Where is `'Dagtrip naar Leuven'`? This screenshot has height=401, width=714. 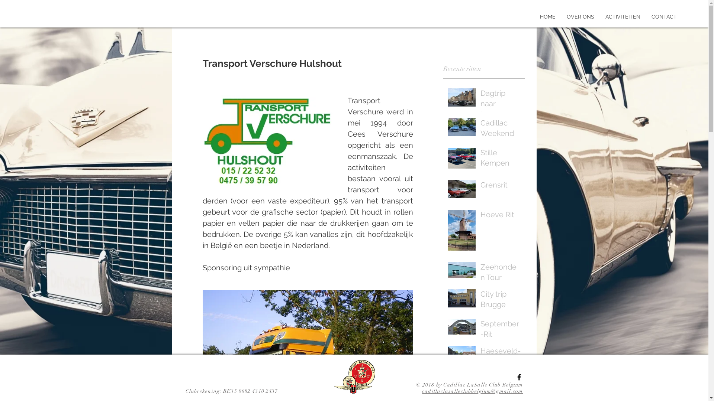 'Dagtrip naar Leuven' is located at coordinates (480, 105).